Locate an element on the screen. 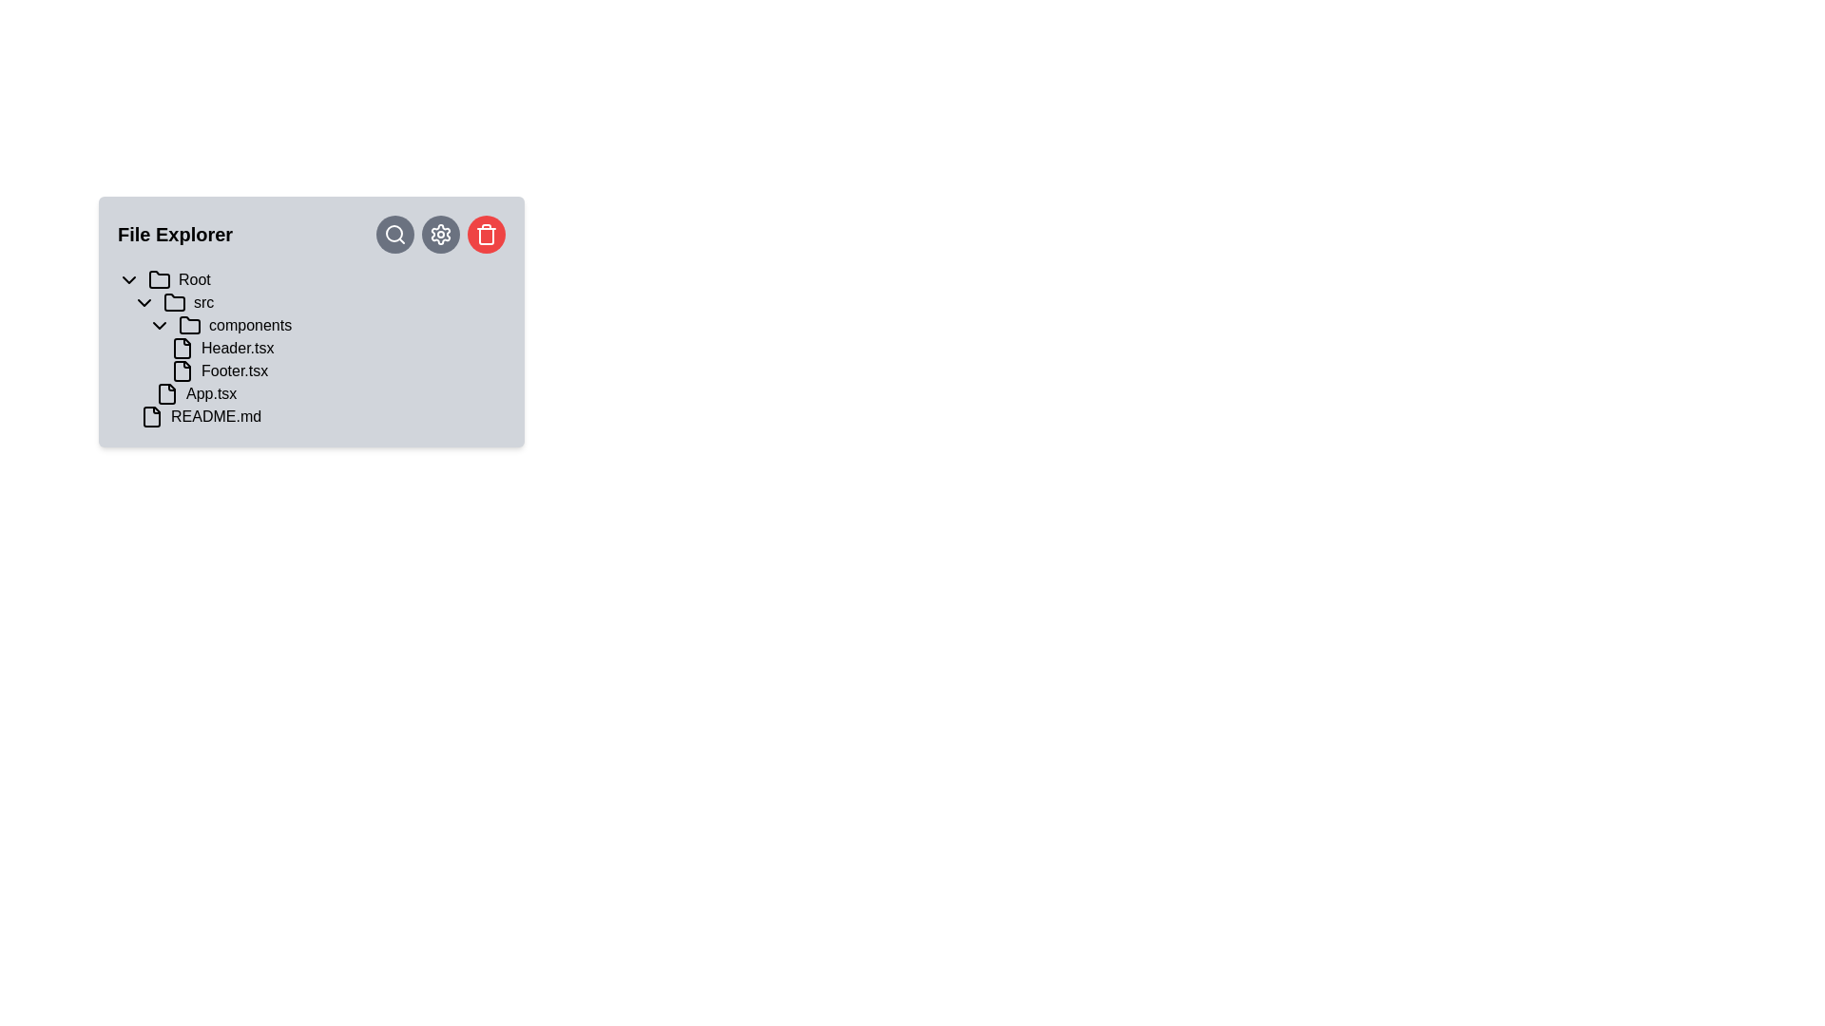 This screenshot has height=1026, width=1825. the document icon representing 'Header.tsx' in the file explorer interface is located at coordinates (182, 348).